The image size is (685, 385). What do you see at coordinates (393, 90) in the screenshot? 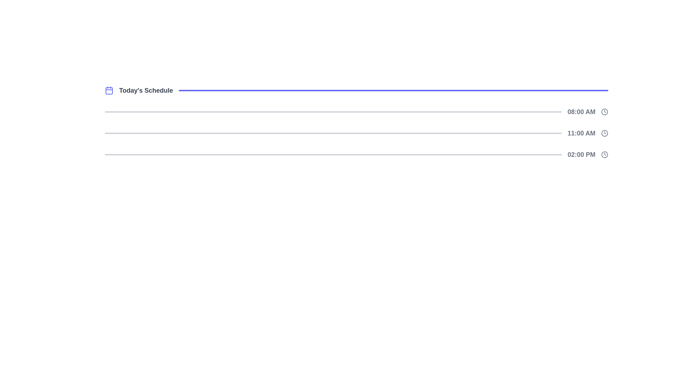
I see `the indigo progress bar located directly below the 'Today's Schedule' text, which spans the width of the layout` at bounding box center [393, 90].